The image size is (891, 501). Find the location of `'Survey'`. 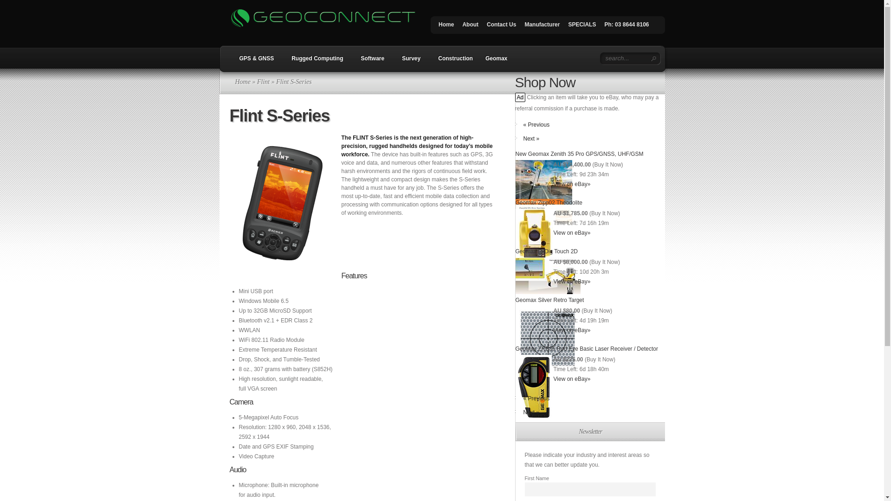

'Survey' is located at coordinates (408, 61).